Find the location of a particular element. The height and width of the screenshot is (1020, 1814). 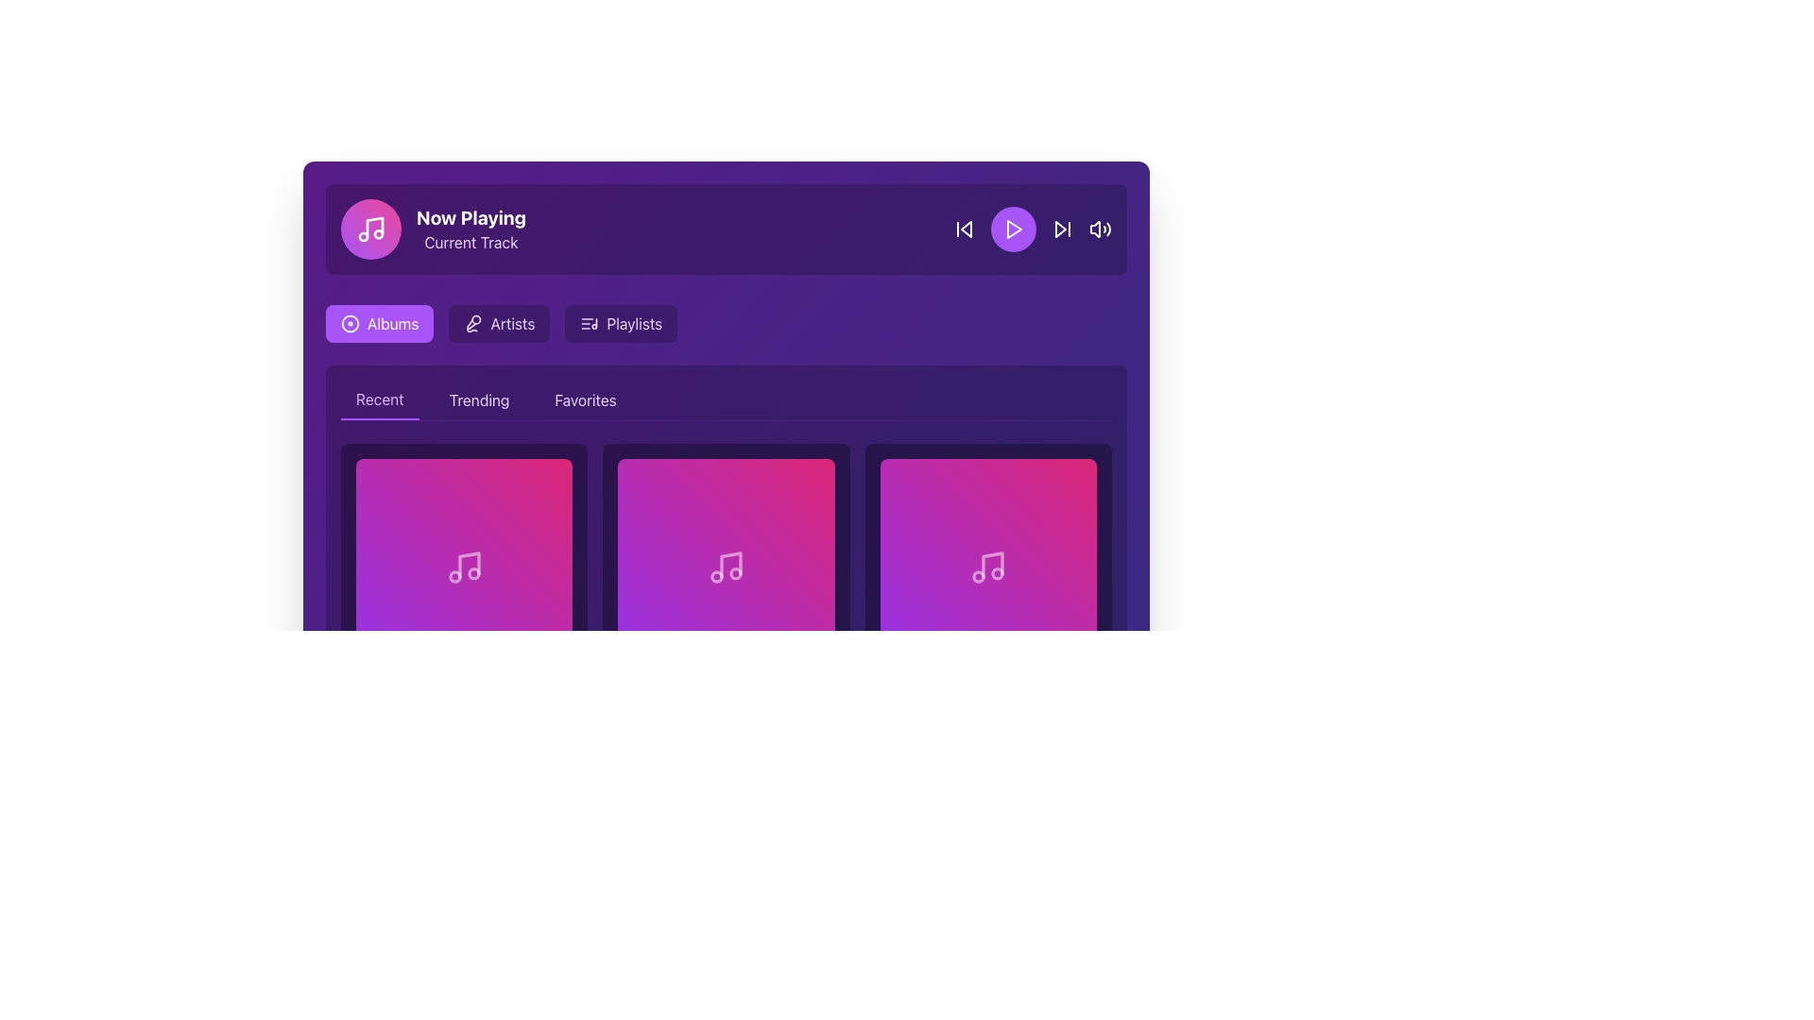

the small circle located towards the lower right corner of the musical note icon, which is part of an SVG graphic is located at coordinates (997, 572).